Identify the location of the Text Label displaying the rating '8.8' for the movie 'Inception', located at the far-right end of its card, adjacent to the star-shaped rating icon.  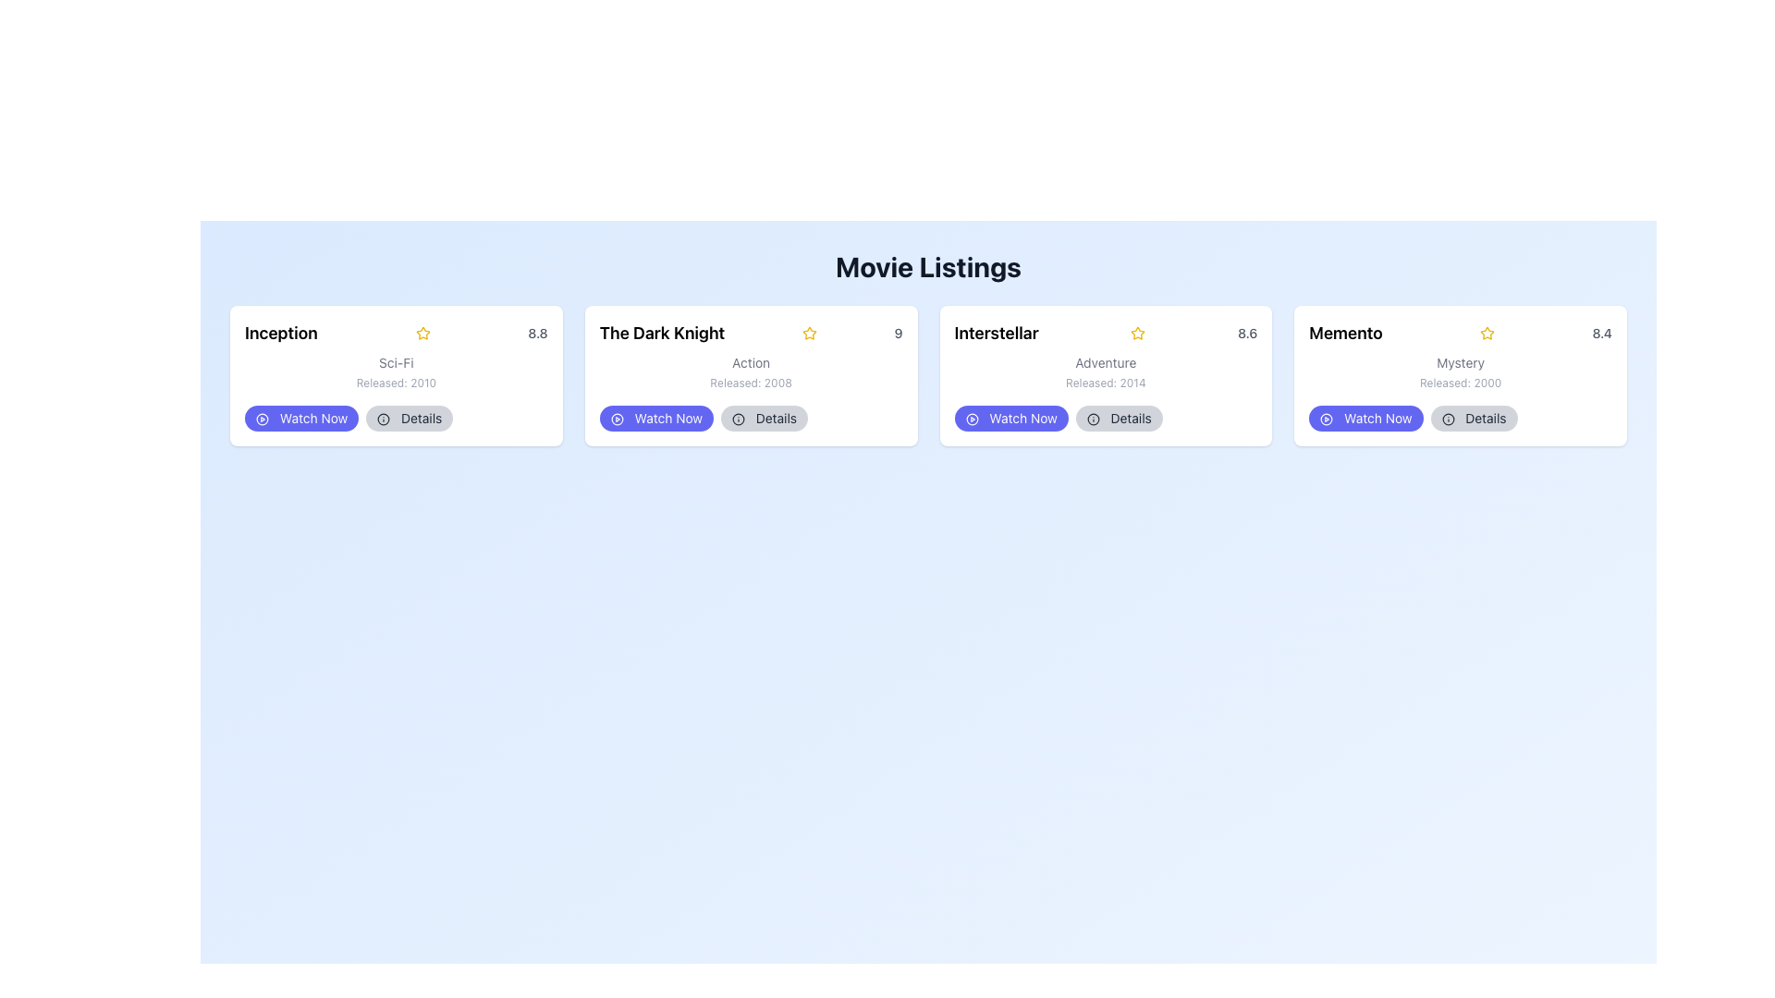
(537, 334).